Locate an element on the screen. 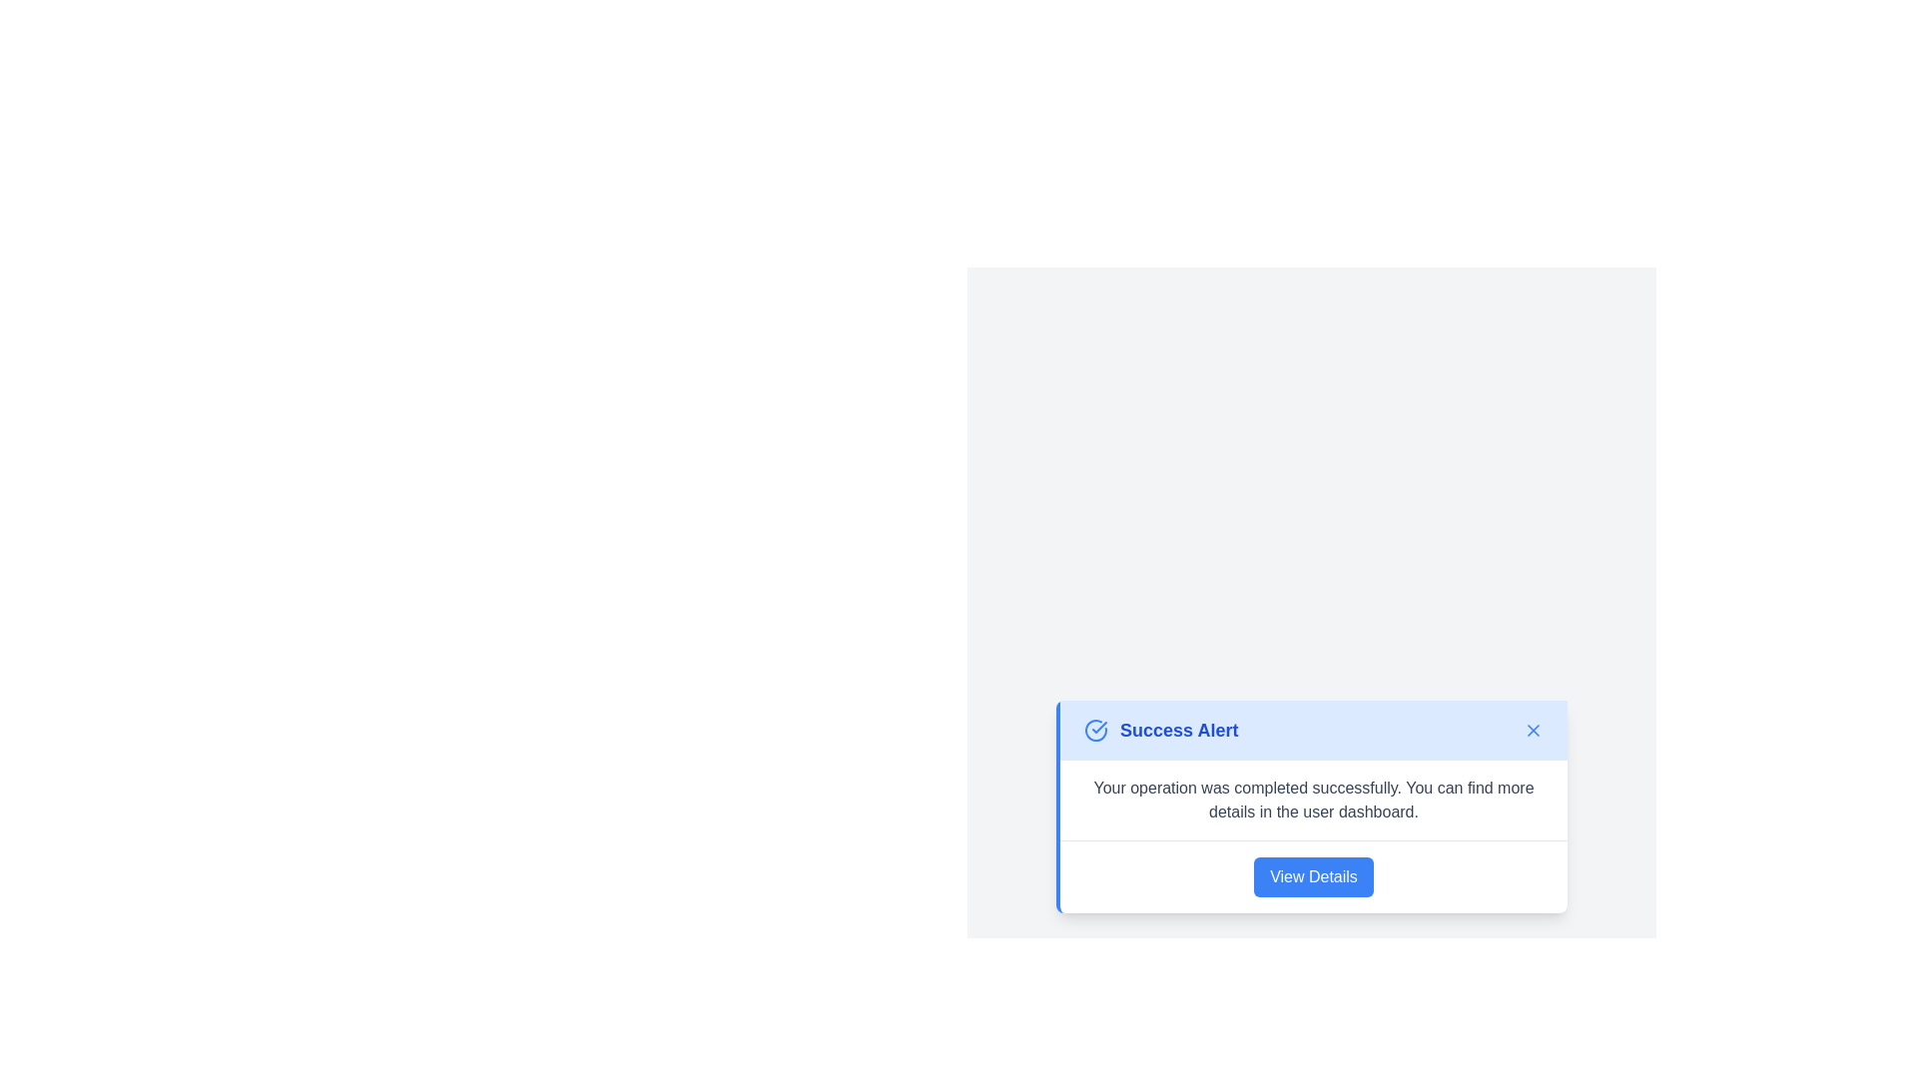 The image size is (1917, 1078). the rectangular button with rounded edges and a blue background labeled 'View Details' located at the bottom of the notification dialog is located at coordinates (1313, 875).